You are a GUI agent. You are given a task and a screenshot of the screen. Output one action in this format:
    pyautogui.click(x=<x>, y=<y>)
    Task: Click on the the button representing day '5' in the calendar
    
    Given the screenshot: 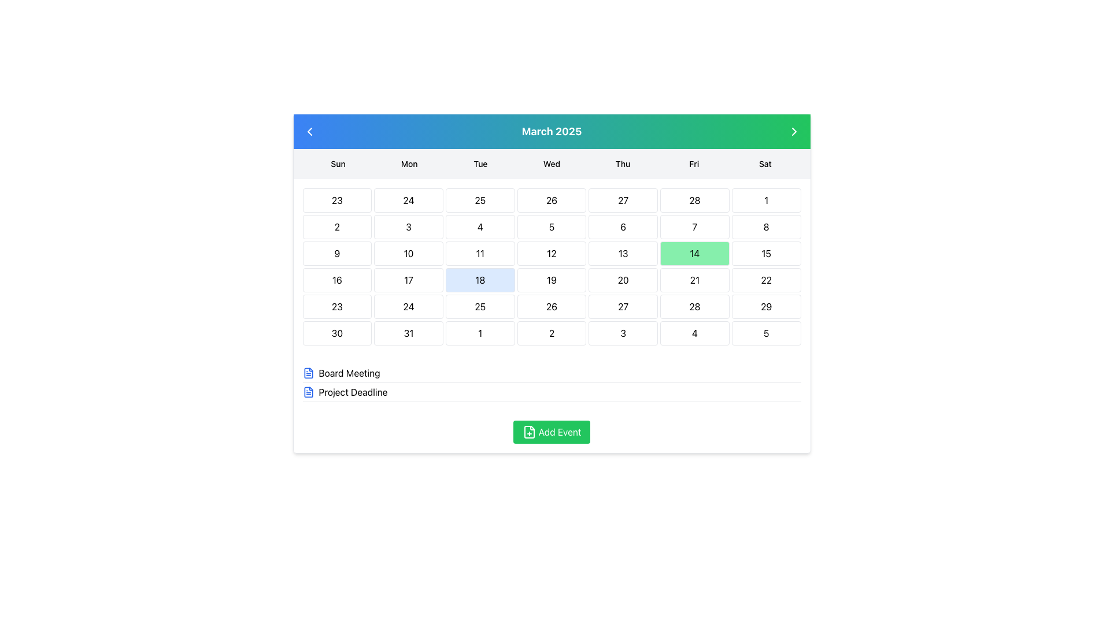 What is the action you would take?
    pyautogui.click(x=551, y=227)
    